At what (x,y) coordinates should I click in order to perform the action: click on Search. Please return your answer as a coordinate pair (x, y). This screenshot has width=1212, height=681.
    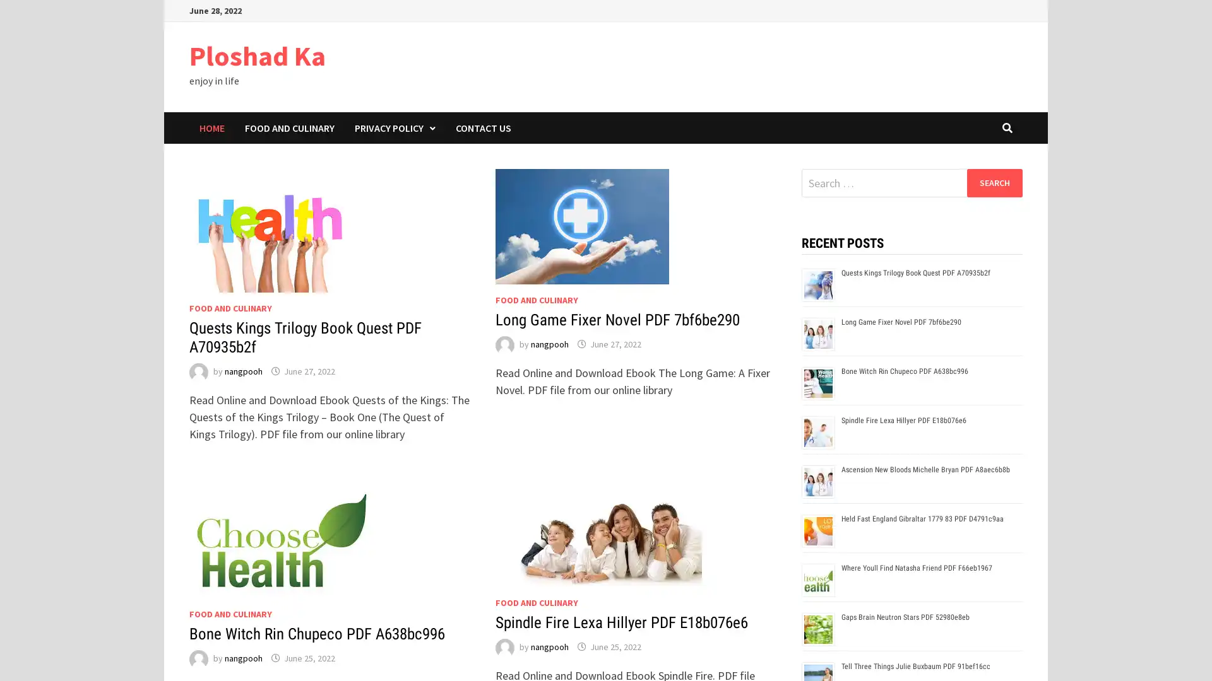
    Looking at the image, I should click on (994, 182).